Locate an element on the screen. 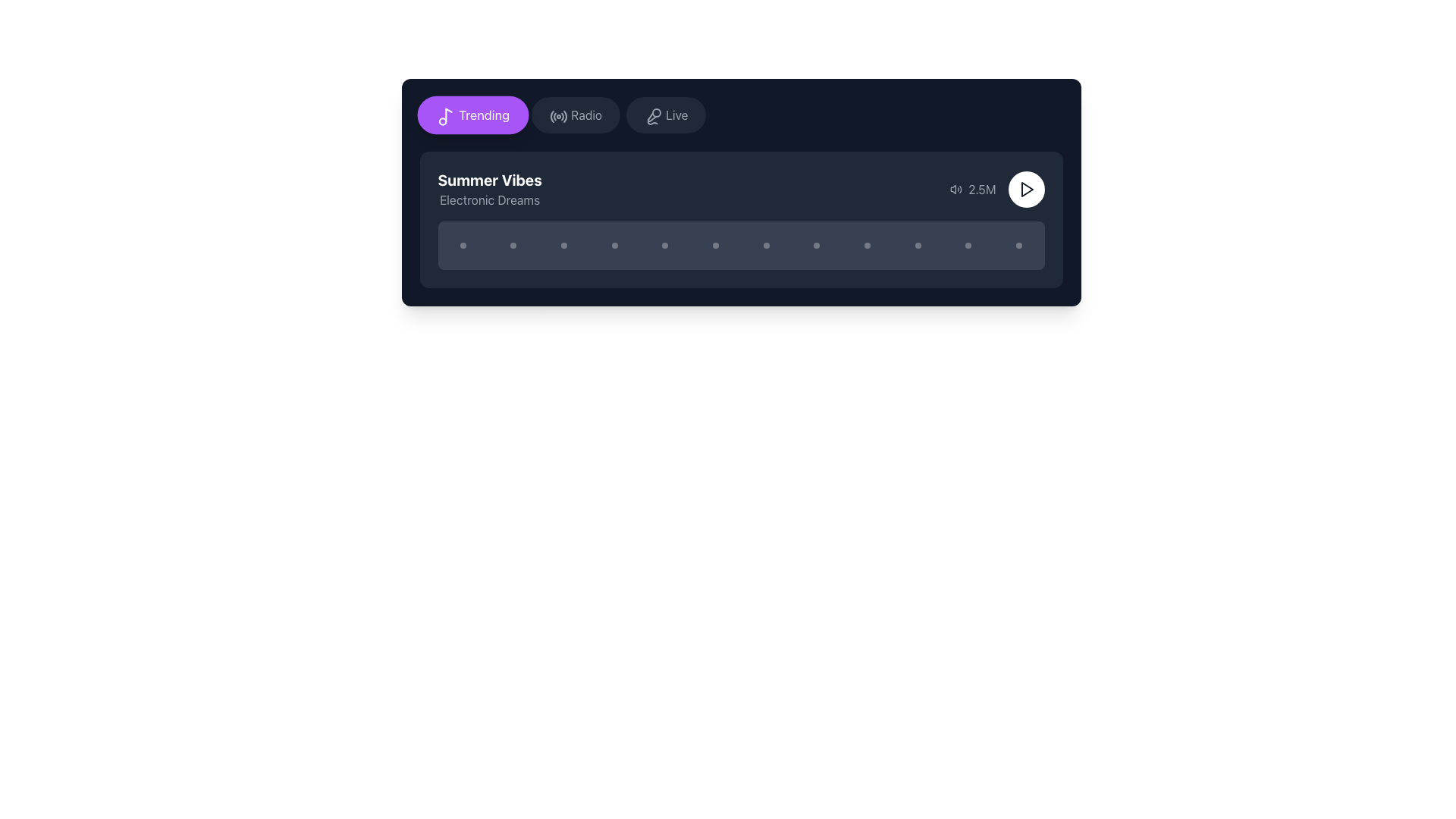  the 'Trending' text label within the button element, which has a purple background and white text, located on the left side of the top bar is located at coordinates (483, 114).